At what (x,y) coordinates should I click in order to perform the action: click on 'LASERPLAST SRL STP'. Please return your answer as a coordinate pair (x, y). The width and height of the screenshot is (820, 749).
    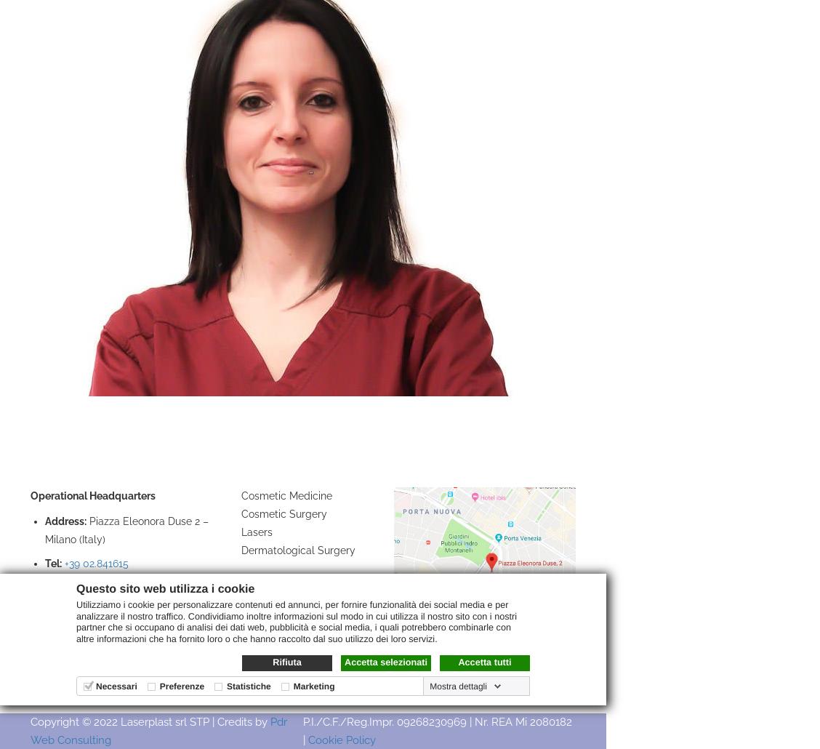
    Looking at the image, I should click on (87, 462).